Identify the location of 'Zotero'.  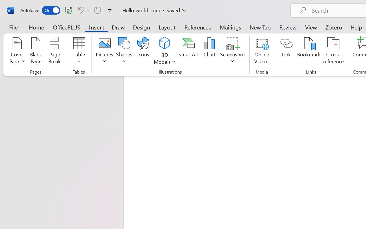
(334, 27).